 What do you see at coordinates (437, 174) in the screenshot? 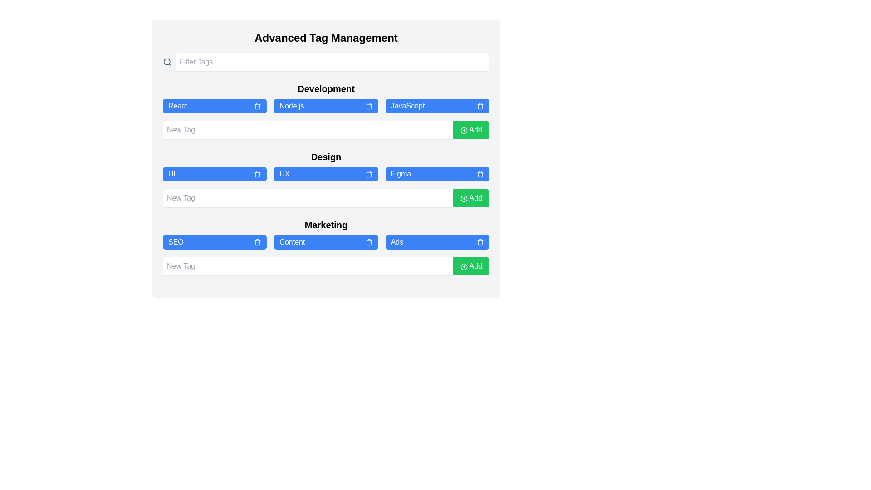
I see `the 'Figma' button, which is the third button from the left` at bounding box center [437, 174].